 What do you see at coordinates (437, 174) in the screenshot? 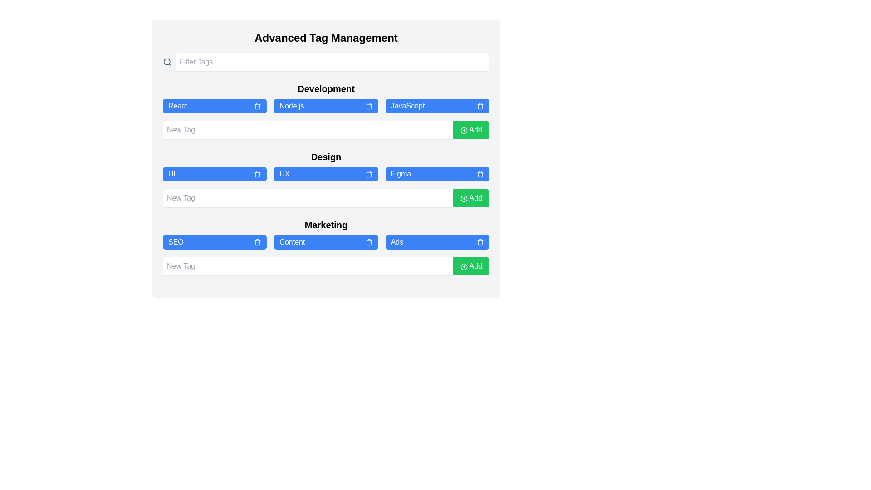
I see `the 'Figma' button, which is the third button from the left` at bounding box center [437, 174].